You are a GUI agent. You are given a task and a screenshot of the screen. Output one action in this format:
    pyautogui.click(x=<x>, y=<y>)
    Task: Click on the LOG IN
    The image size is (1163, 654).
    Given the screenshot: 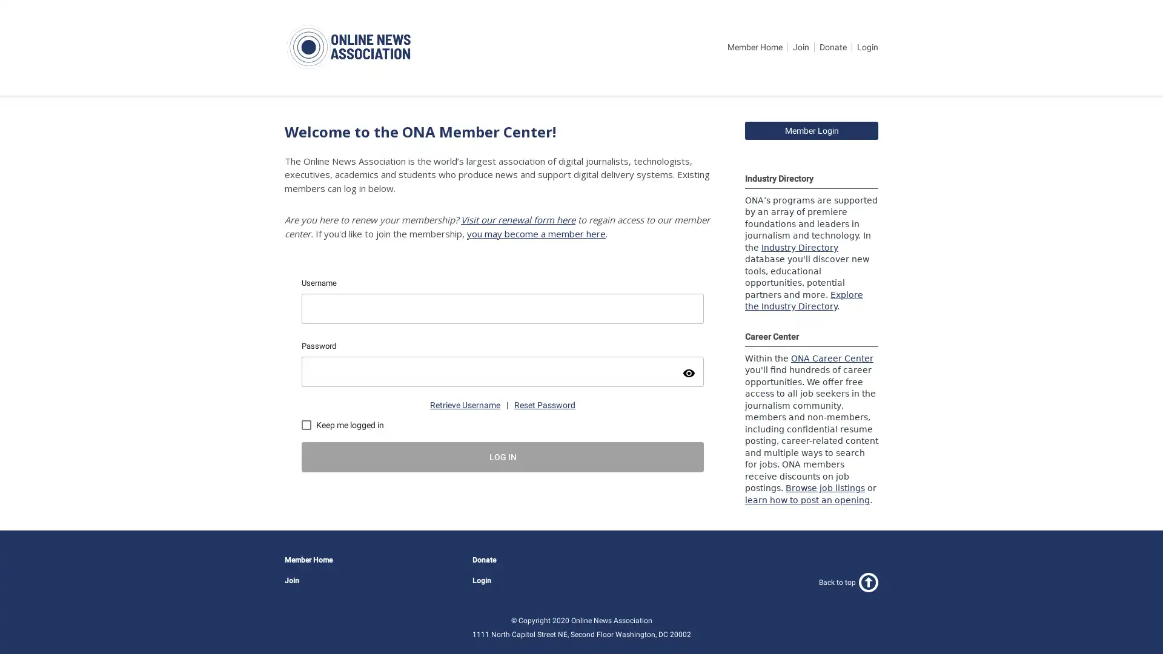 What is the action you would take?
    pyautogui.click(x=503, y=457)
    